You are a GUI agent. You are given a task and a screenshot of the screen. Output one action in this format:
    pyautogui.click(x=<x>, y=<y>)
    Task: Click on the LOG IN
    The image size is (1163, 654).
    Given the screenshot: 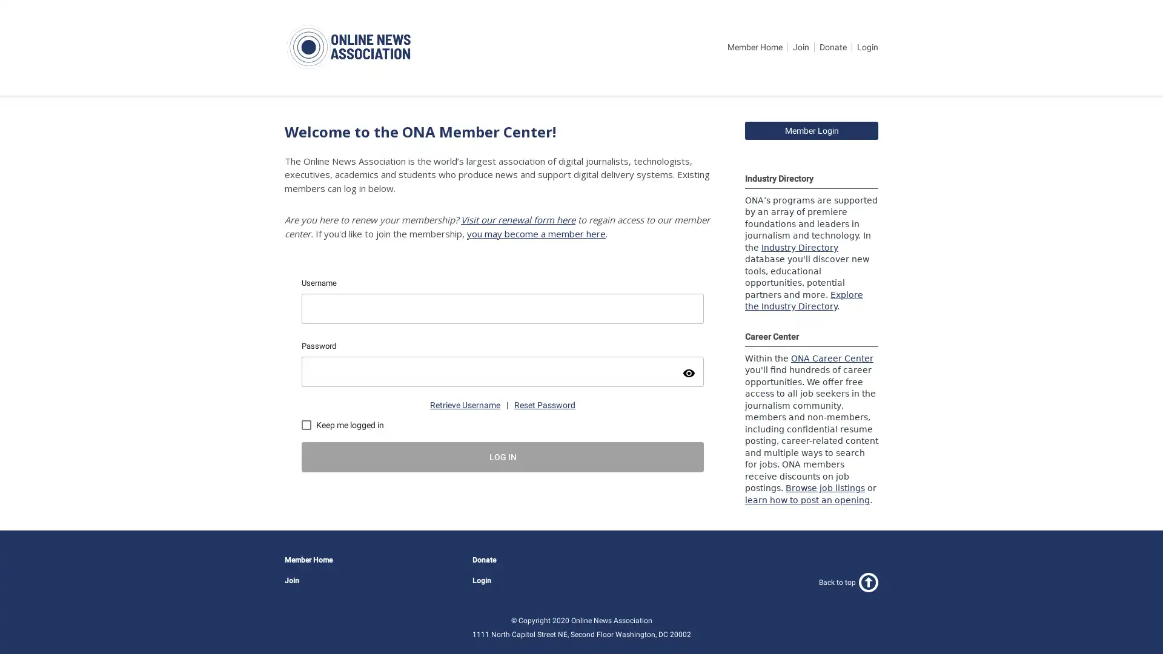 What is the action you would take?
    pyautogui.click(x=503, y=457)
    